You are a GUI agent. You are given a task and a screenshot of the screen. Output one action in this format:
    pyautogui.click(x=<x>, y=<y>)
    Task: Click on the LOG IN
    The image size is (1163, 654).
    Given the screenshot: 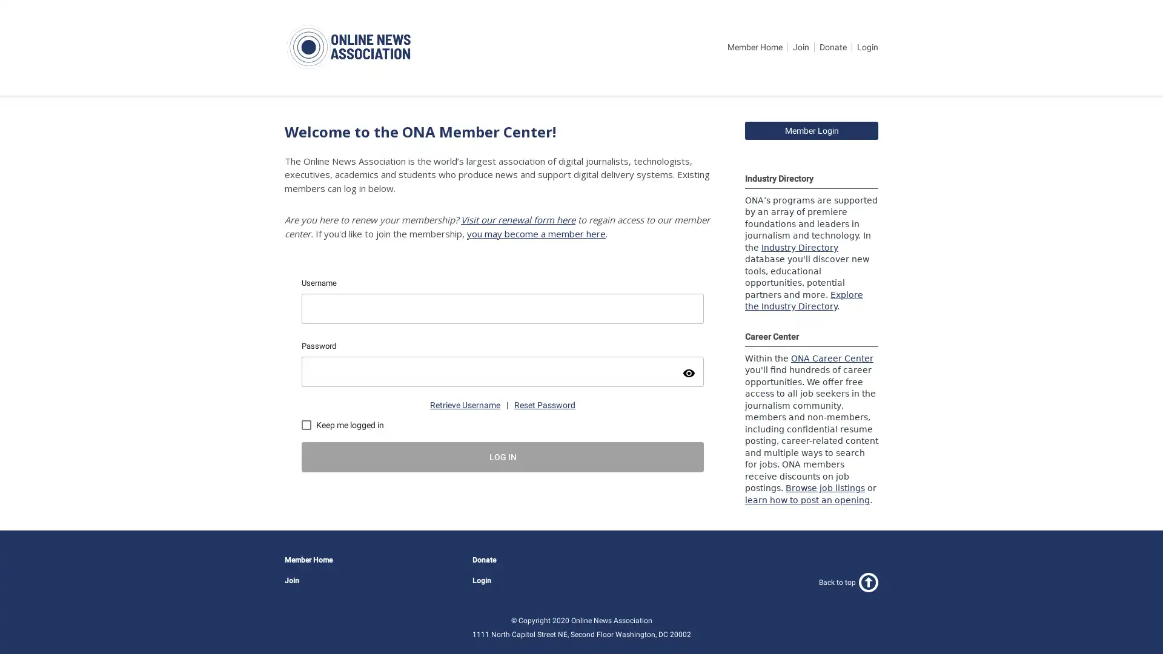 What is the action you would take?
    pyautogui.click(x=503, y=457)
    